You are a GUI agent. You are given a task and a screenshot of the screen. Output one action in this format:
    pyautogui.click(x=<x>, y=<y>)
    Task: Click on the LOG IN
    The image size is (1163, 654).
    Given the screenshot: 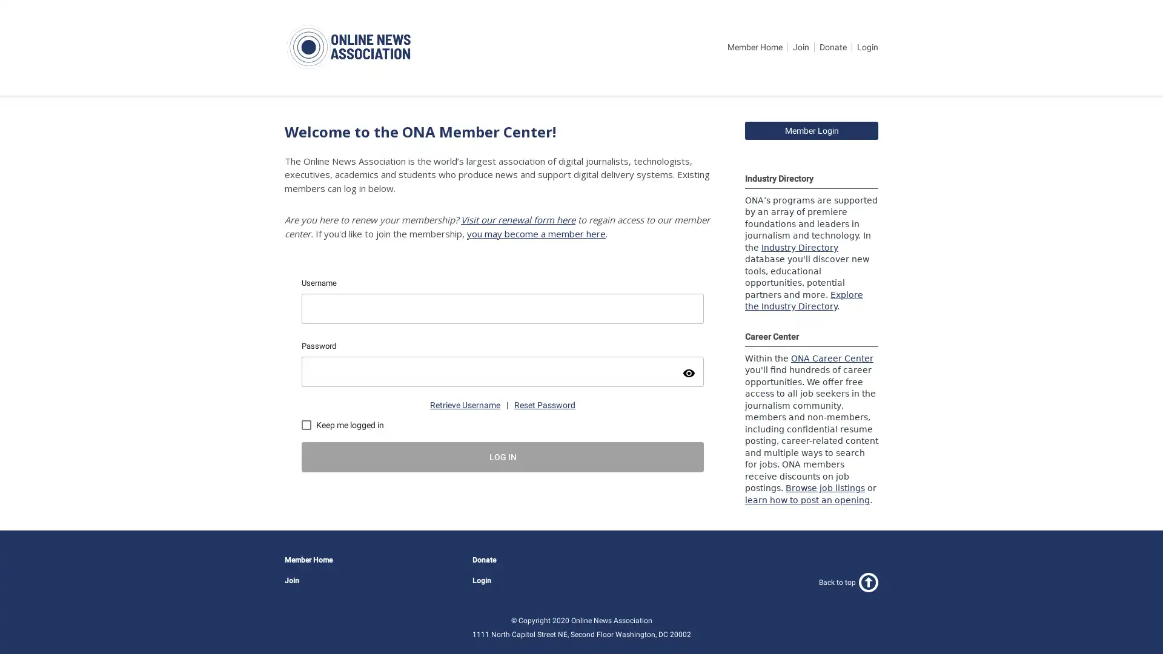 What is the action you would take?
    pyautogui.click(x=503, y=457)
    